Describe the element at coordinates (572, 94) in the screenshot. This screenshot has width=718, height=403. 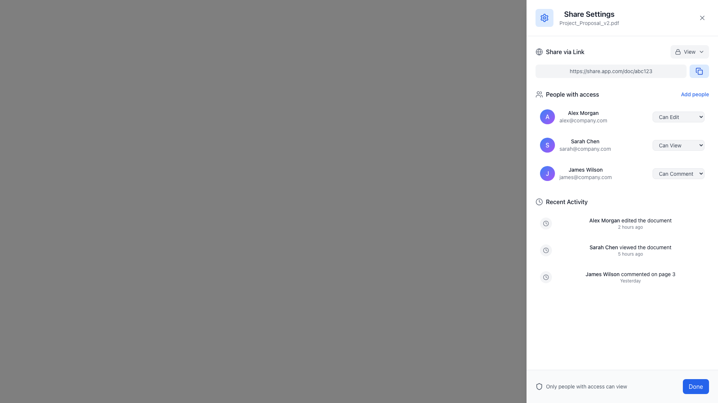
I see `the text label 'People with access' located in the 'Share Settings' panel, which is positioned below 'Share via Link' and above user profiles` at that location.